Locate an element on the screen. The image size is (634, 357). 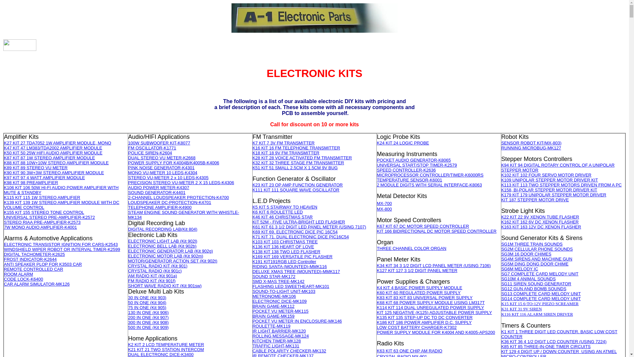
'RUNNING MICROBUG-MK127' is located at coordinates (531, 147).